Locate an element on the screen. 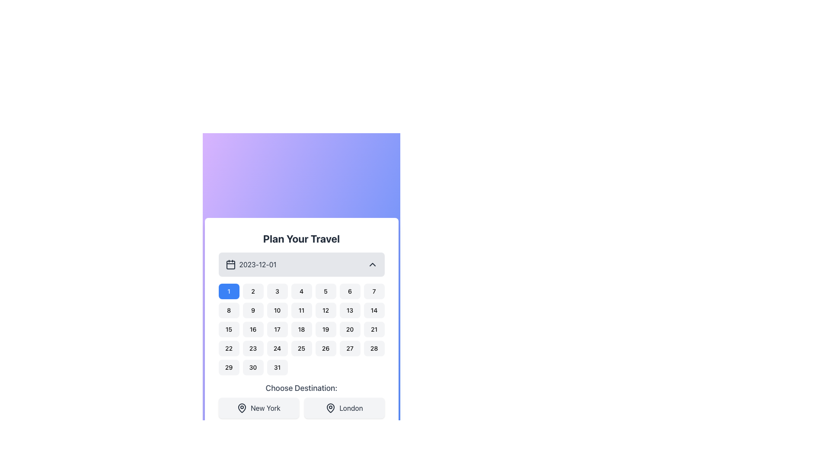  the Icon associated with the 'London' button in the 'Choose Destination' section to enhance user understanding of the interface is located at coordinates (330, 408).